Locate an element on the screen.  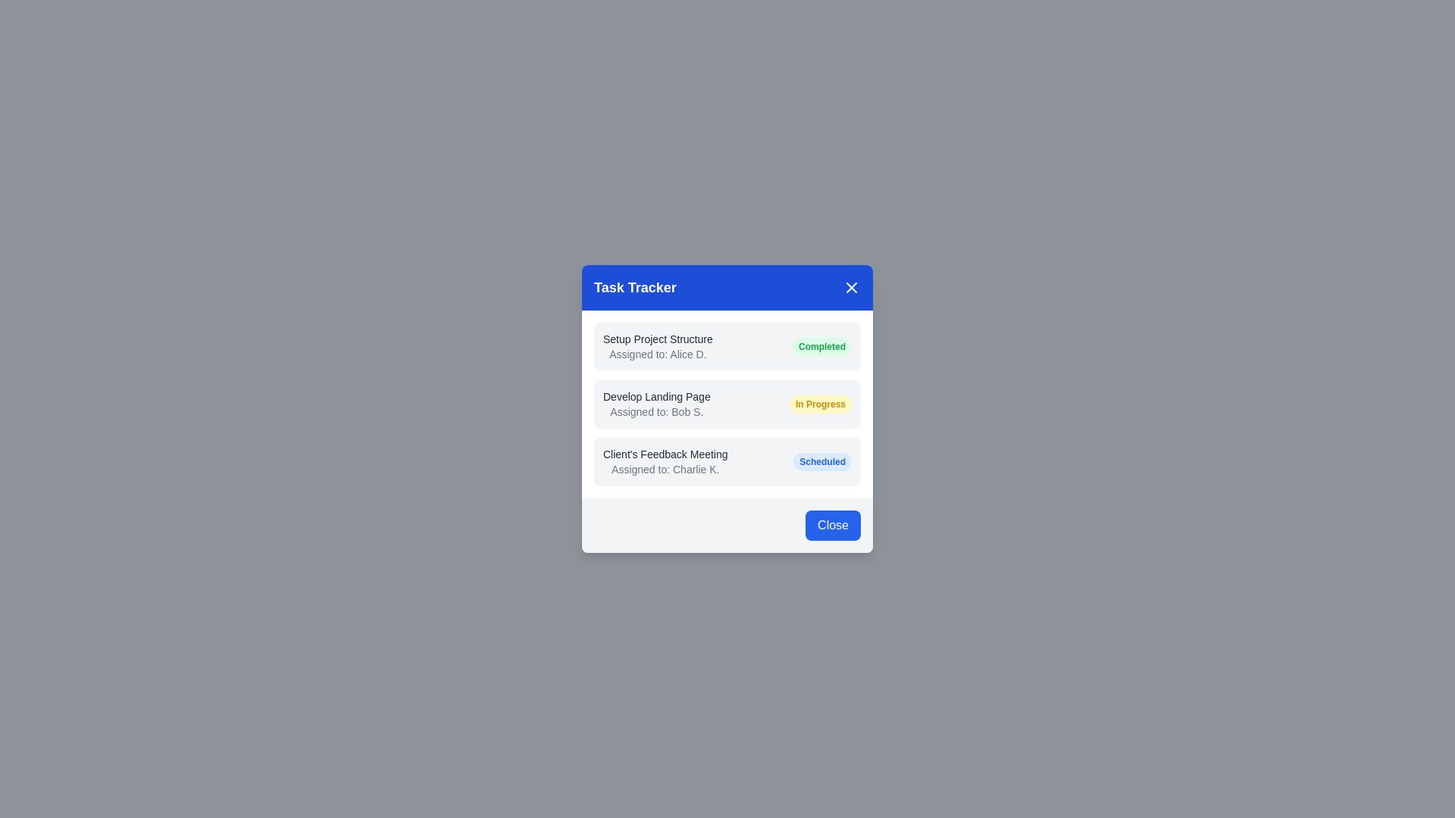
the task details area for Client's Feedback Meeting is located at coordinates (727, 461).